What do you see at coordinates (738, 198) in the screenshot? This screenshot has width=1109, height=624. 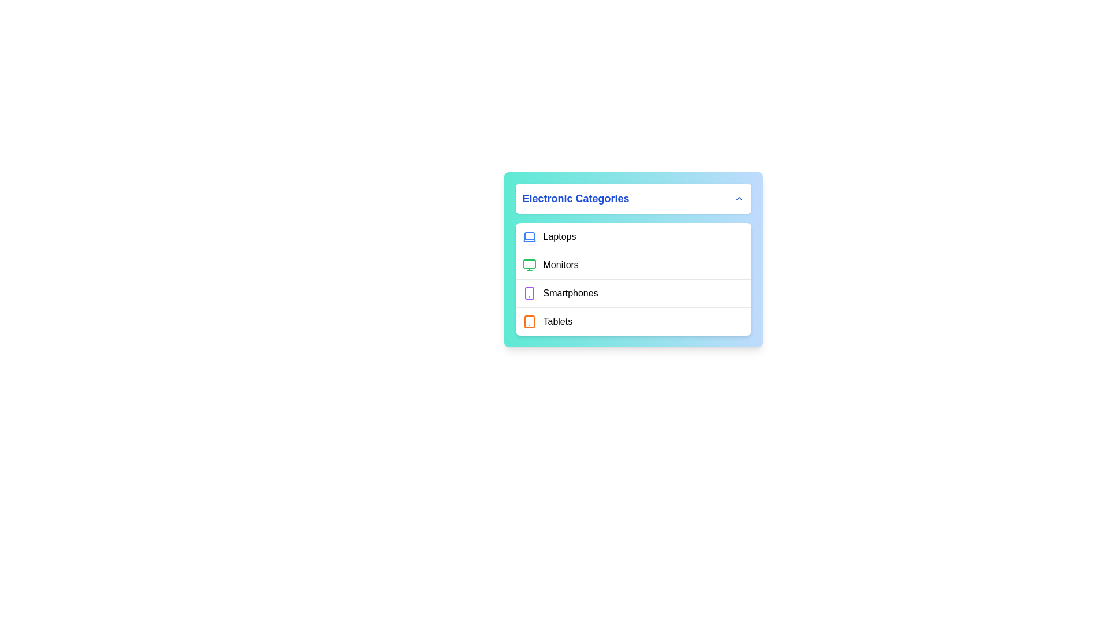 I see `the chevron icon at the far right of the 'Electronic Categories' header` at bounding box center [738, 198].